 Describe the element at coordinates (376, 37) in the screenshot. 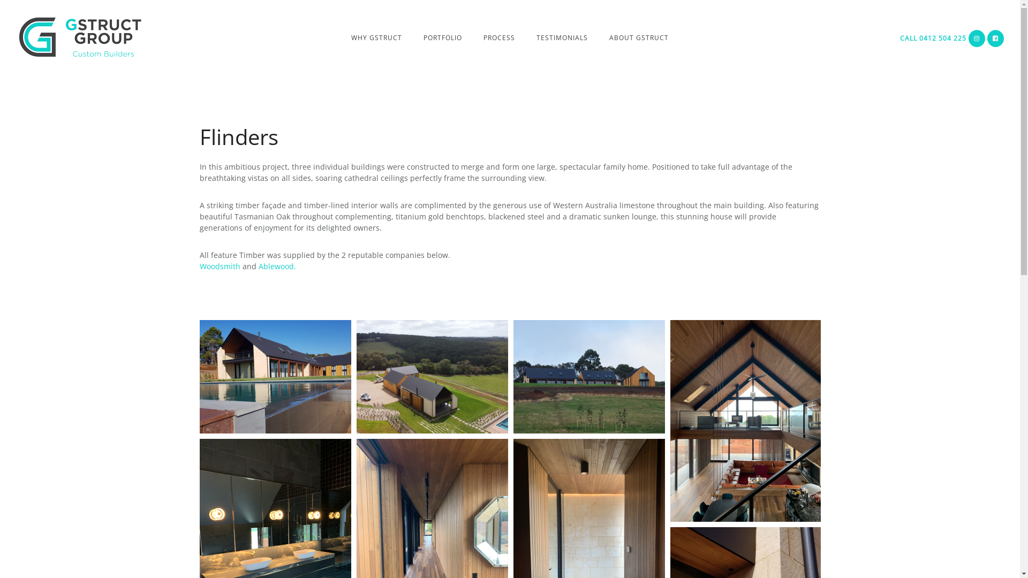

I see `'WHY GSTRUCT'` at that location.